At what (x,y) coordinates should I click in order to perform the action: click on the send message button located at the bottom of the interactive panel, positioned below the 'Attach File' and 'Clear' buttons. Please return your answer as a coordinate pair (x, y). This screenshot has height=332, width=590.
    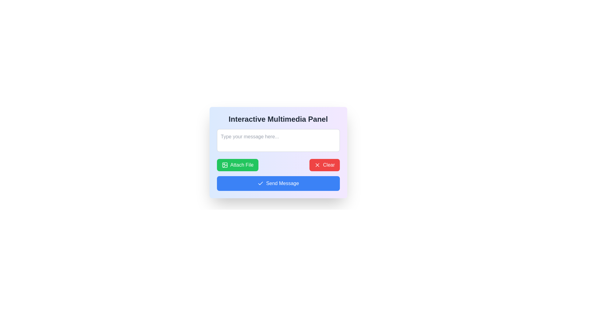
    Looking at the image, I should click on (278, 183).